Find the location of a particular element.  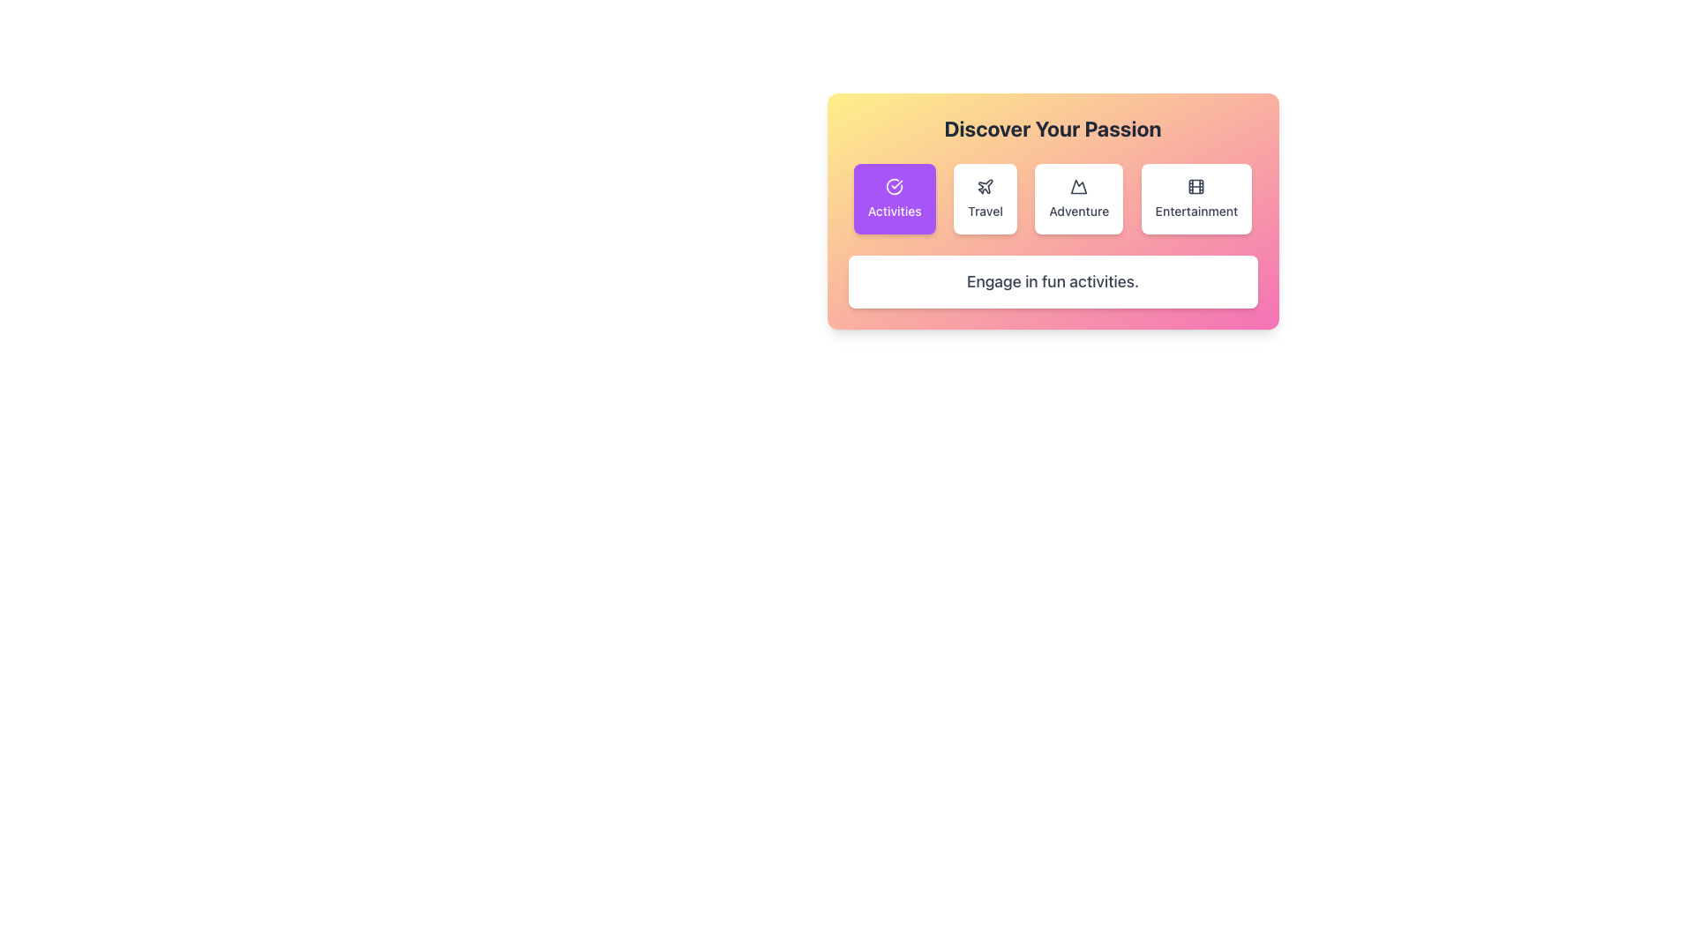

the airplane icon inside the 'Travel' button is located at coordinates (985, 186).